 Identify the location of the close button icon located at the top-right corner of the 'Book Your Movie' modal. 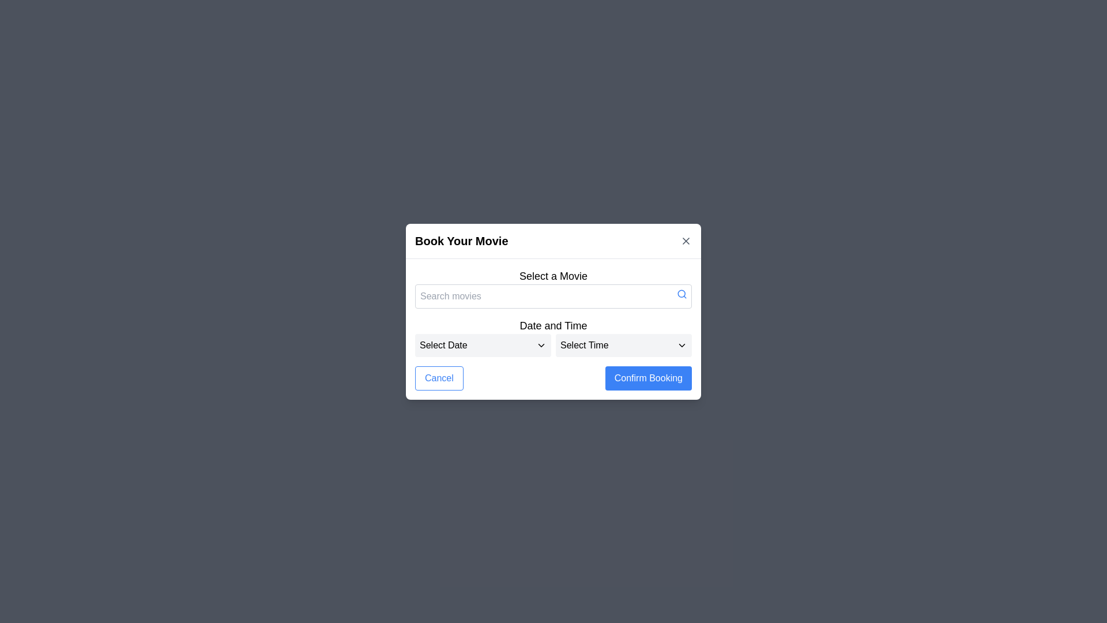
(686, 240).